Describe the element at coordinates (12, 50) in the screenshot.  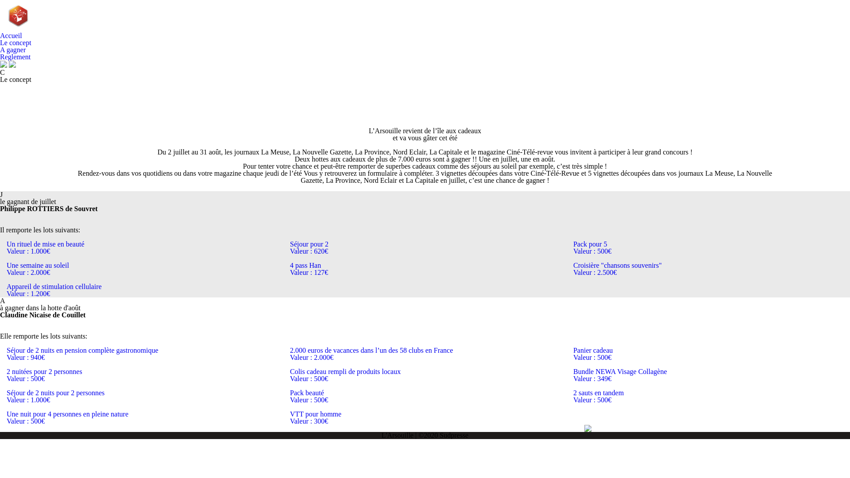
I see `'A gagner'` at that location.